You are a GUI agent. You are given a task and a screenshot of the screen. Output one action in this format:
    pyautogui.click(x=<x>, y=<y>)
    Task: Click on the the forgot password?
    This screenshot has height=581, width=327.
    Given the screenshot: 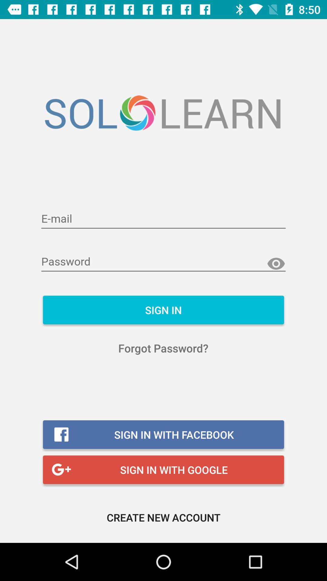 What is the action you would take?
    pyautogui.click(x=163, y=348)
    